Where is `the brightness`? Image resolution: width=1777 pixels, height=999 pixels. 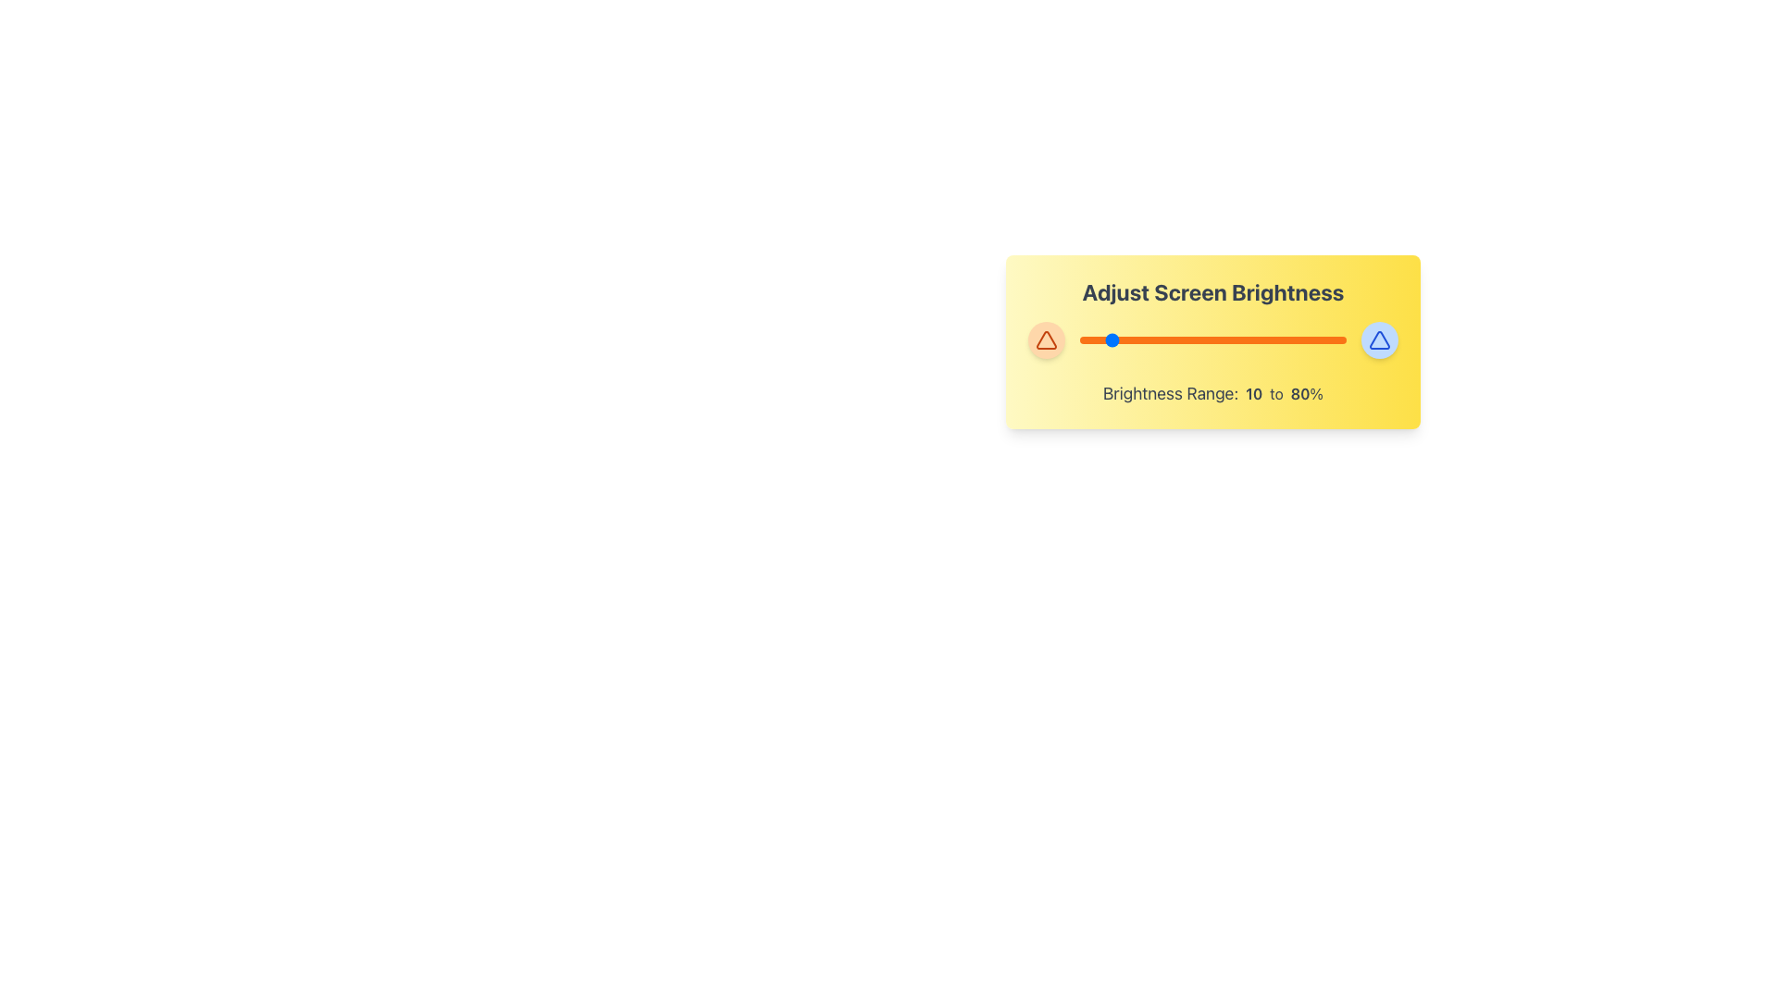
the brightness is located at coordinates (1132, 339).